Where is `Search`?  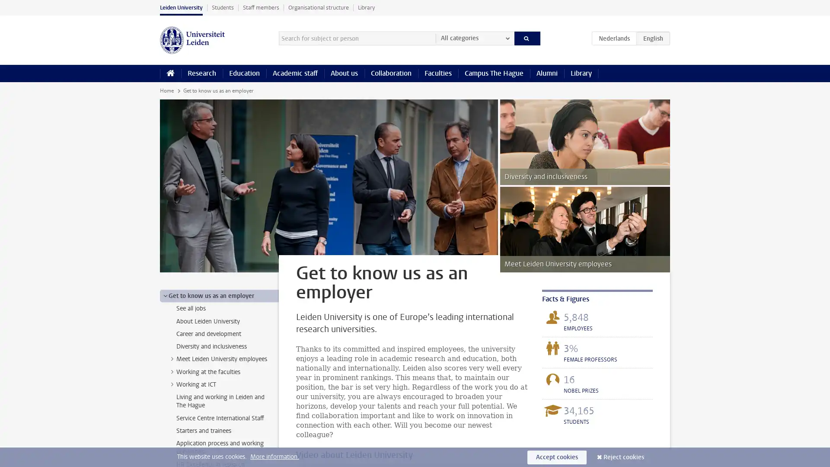 Search is located at coordinates (527, 38).